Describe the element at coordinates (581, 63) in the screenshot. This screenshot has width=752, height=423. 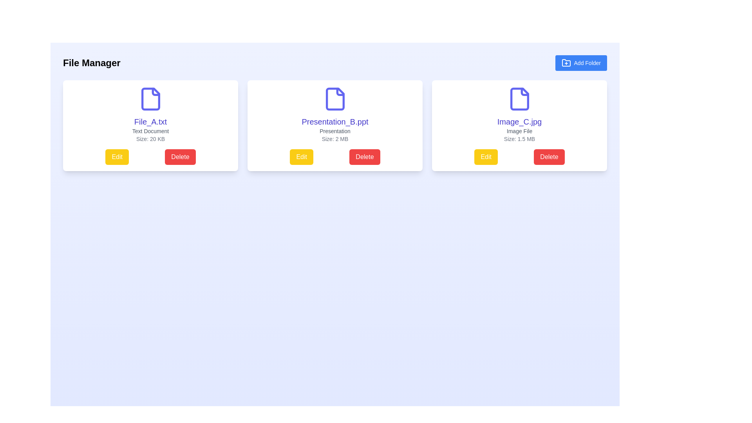
I see `the button in the top-right corner of the interface to initiate the folder creation process` at that location.